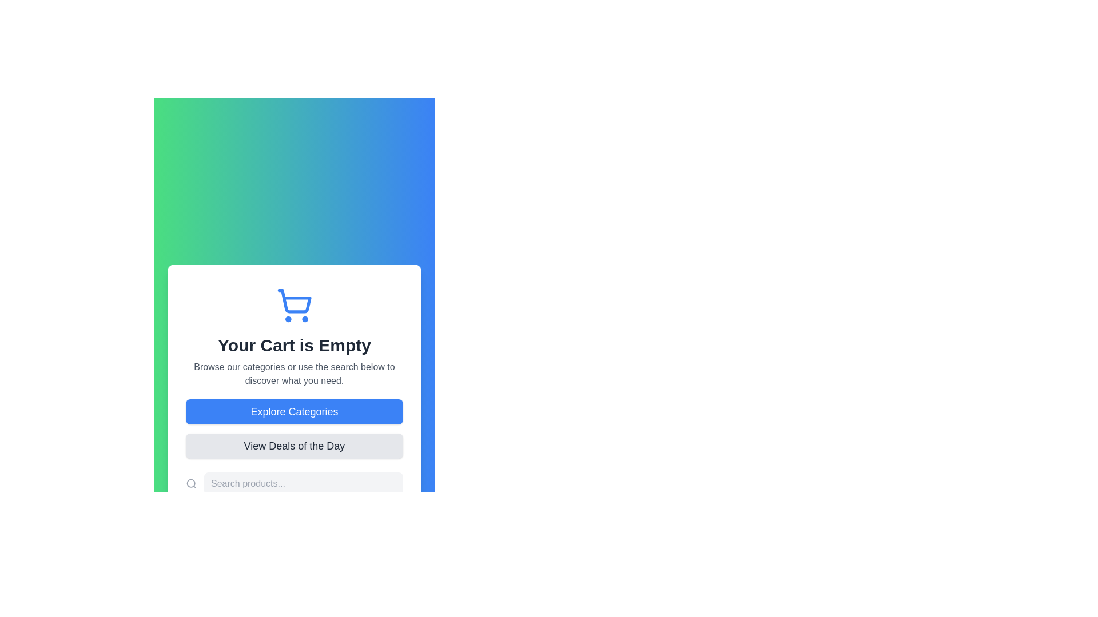 This screenshot has width=1098, height=617. What do you see at coordinates (294, 405) in the screenshot?
I see `the 'Explore Categories' button, which is a rectangular button with a blue background and rounded corners, located centrally below the text 'Your Cart is Empty.'` at bounding box center [294, 405].